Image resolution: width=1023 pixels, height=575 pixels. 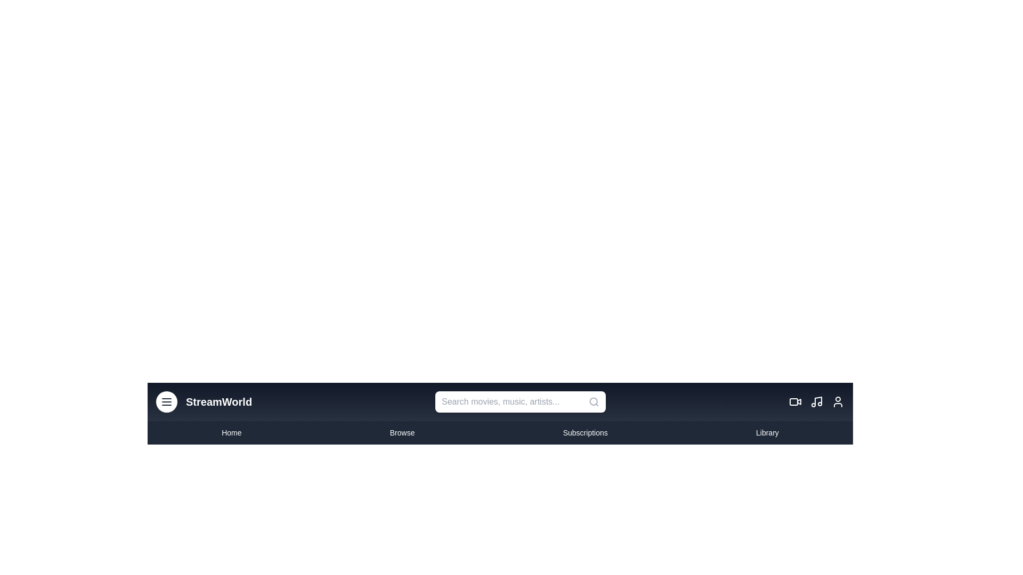 I want to click on the 'Video' icon to access video-related features, so click(x=795, y=402).